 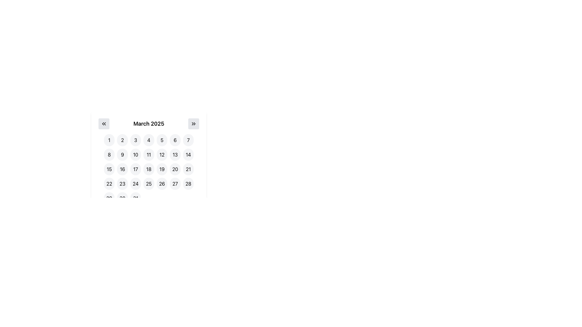 I want to click on the interactive date button located in the grid under the header 'March 2025', so click(x=149, y=169).